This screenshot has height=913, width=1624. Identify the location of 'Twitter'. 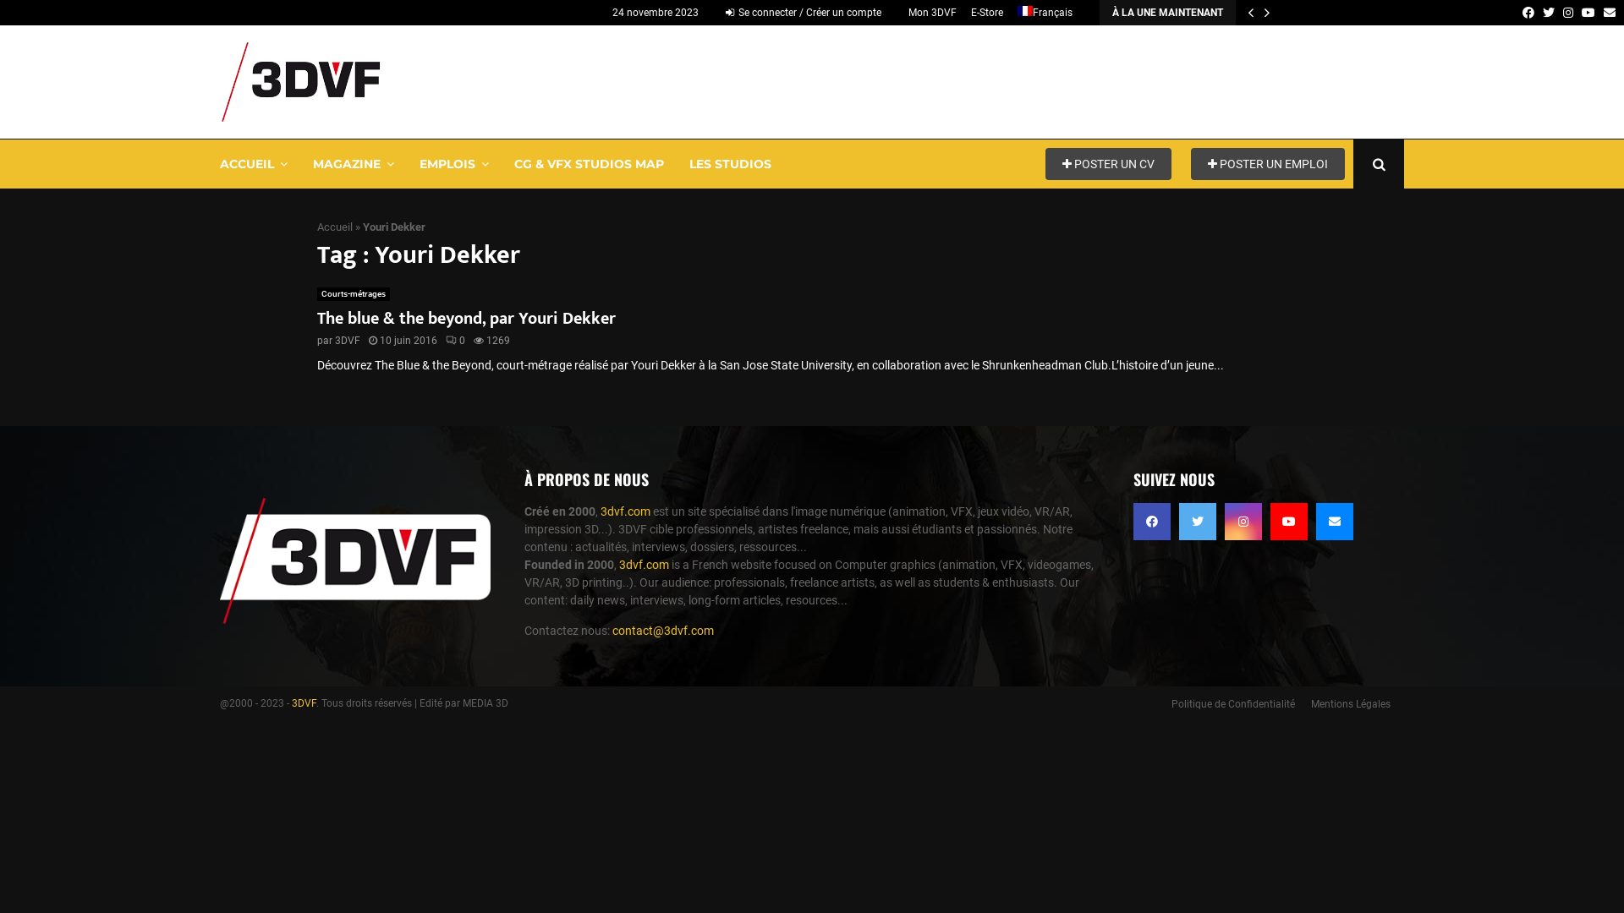
(1197, 521).